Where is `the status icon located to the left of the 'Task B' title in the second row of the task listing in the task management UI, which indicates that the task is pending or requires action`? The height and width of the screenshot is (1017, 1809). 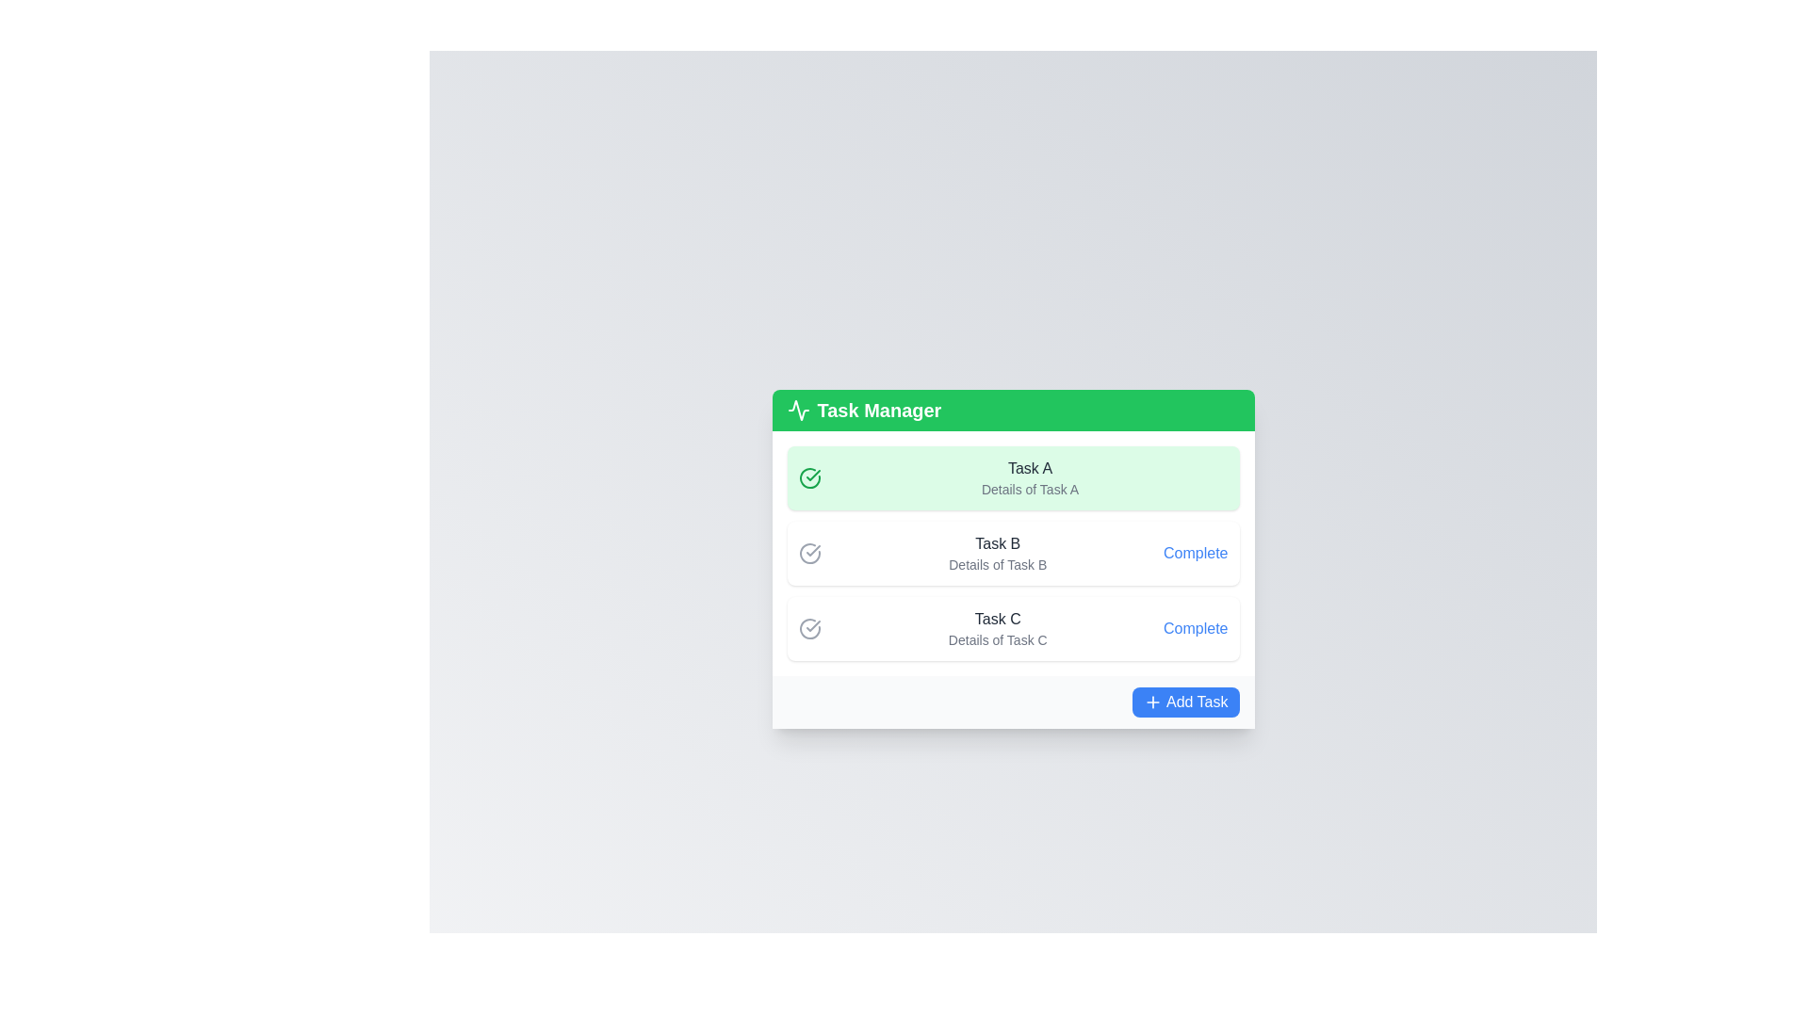 the status icon located to the left of the 'Task B' title in the second row of the task listing in the task management UI, which indicates that the task is pending or requires action is located at coordinates (809, 552).